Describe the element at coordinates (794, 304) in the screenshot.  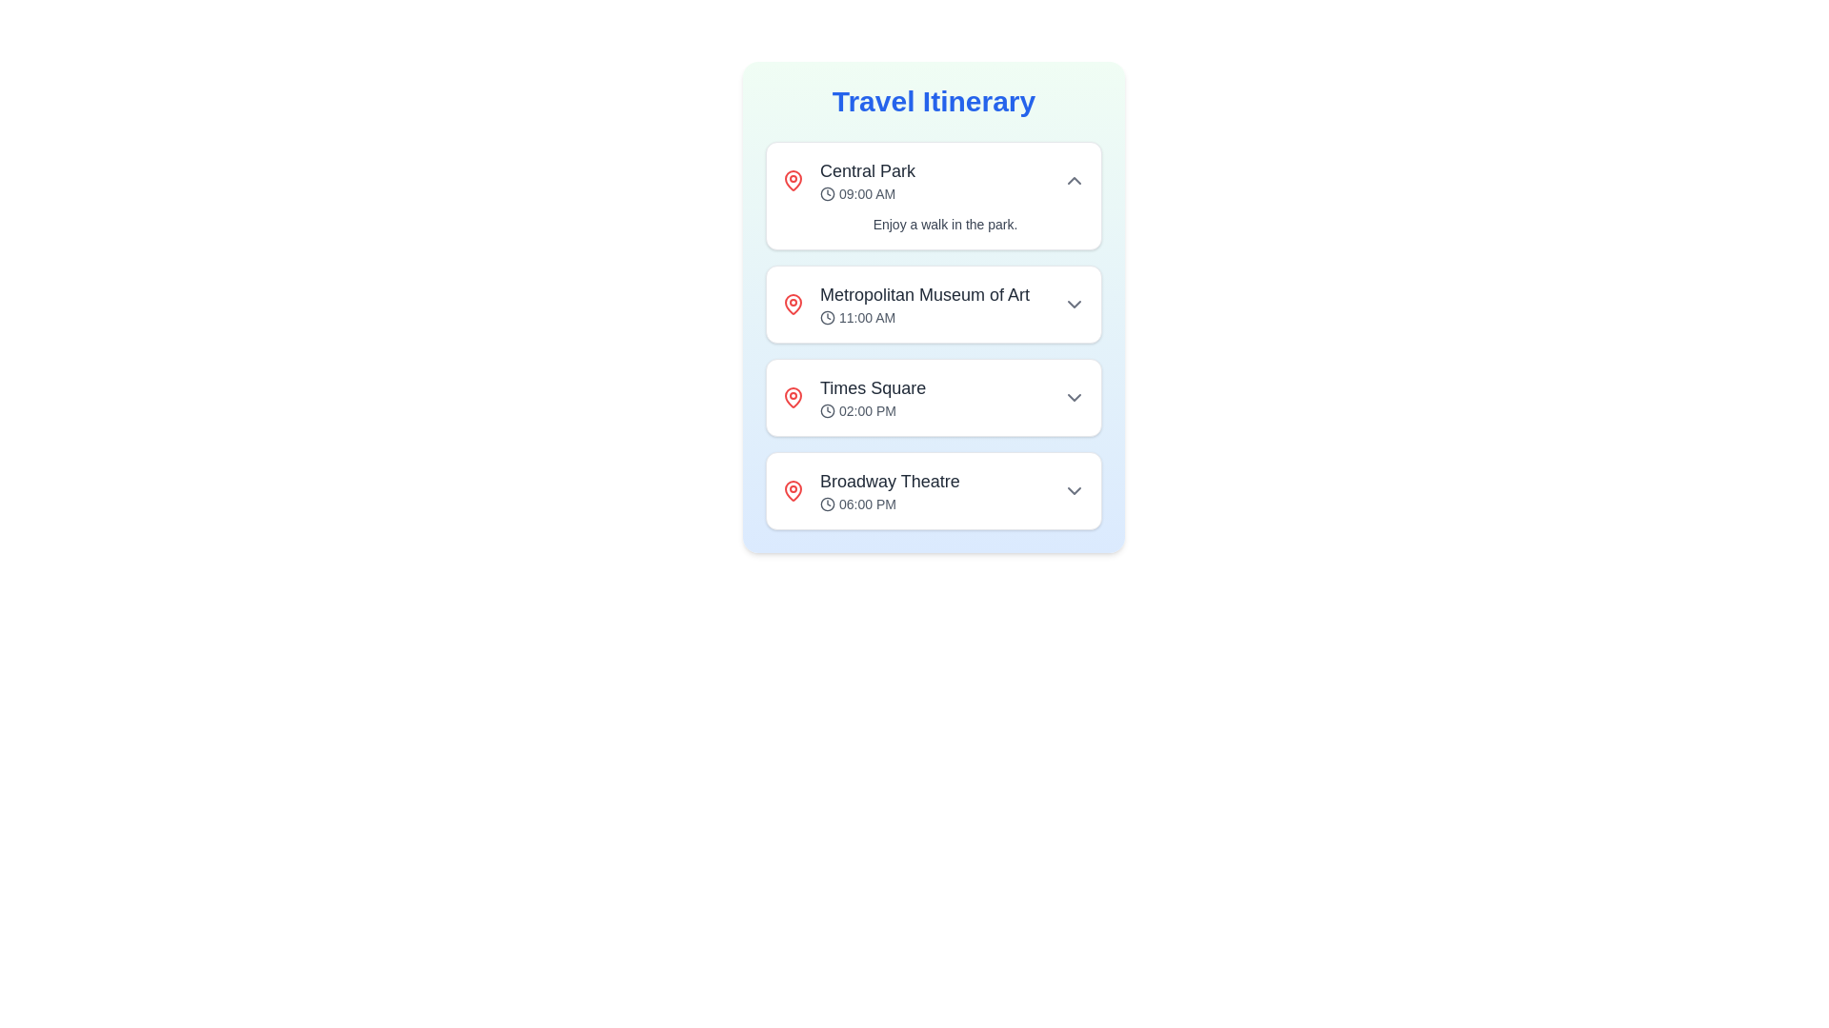
I see `the red map pin icon located at the top-left corner of the 'Metropolitan Museum of Art' itinerary entry, positioned immediately to the left of the title text` at that location.